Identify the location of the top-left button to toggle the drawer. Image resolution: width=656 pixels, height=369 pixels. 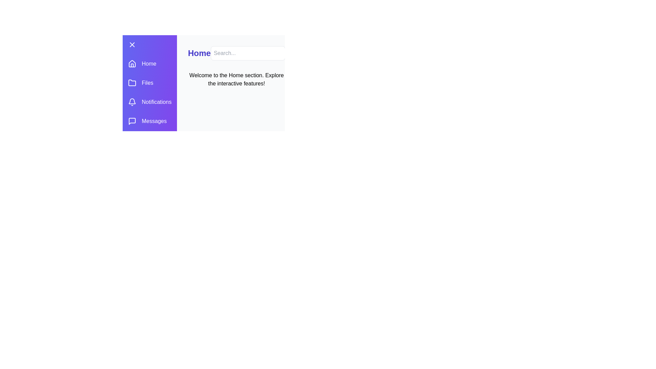
(149, 45).